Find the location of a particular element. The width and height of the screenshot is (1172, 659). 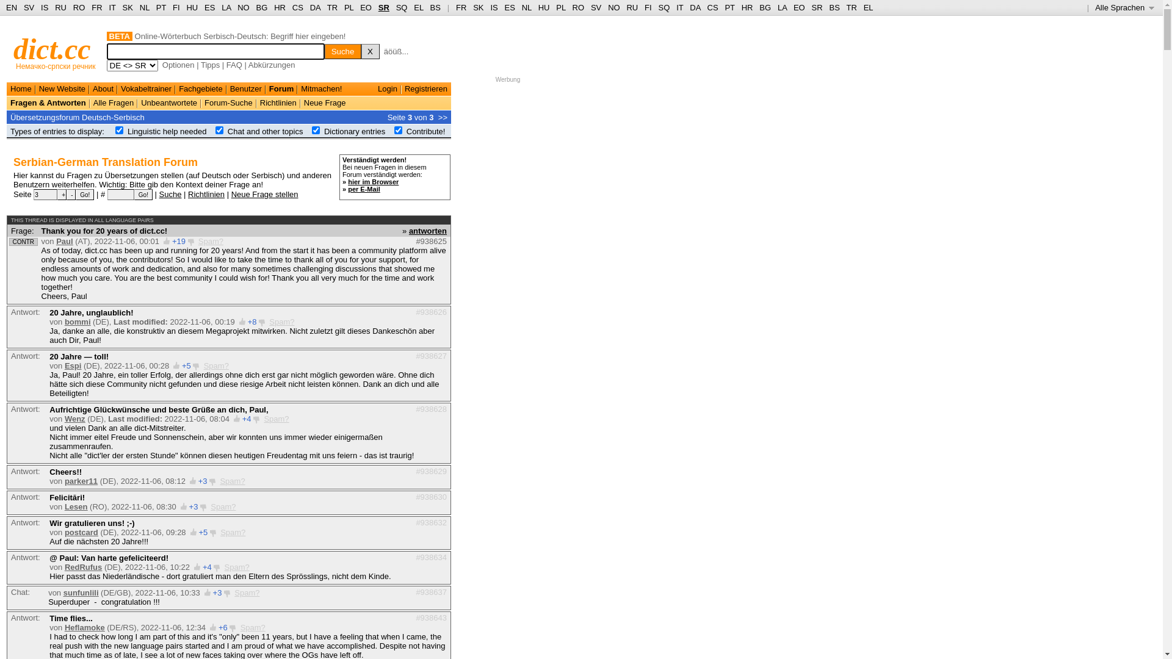

'FAQ' is located at coordinates (226, 65).